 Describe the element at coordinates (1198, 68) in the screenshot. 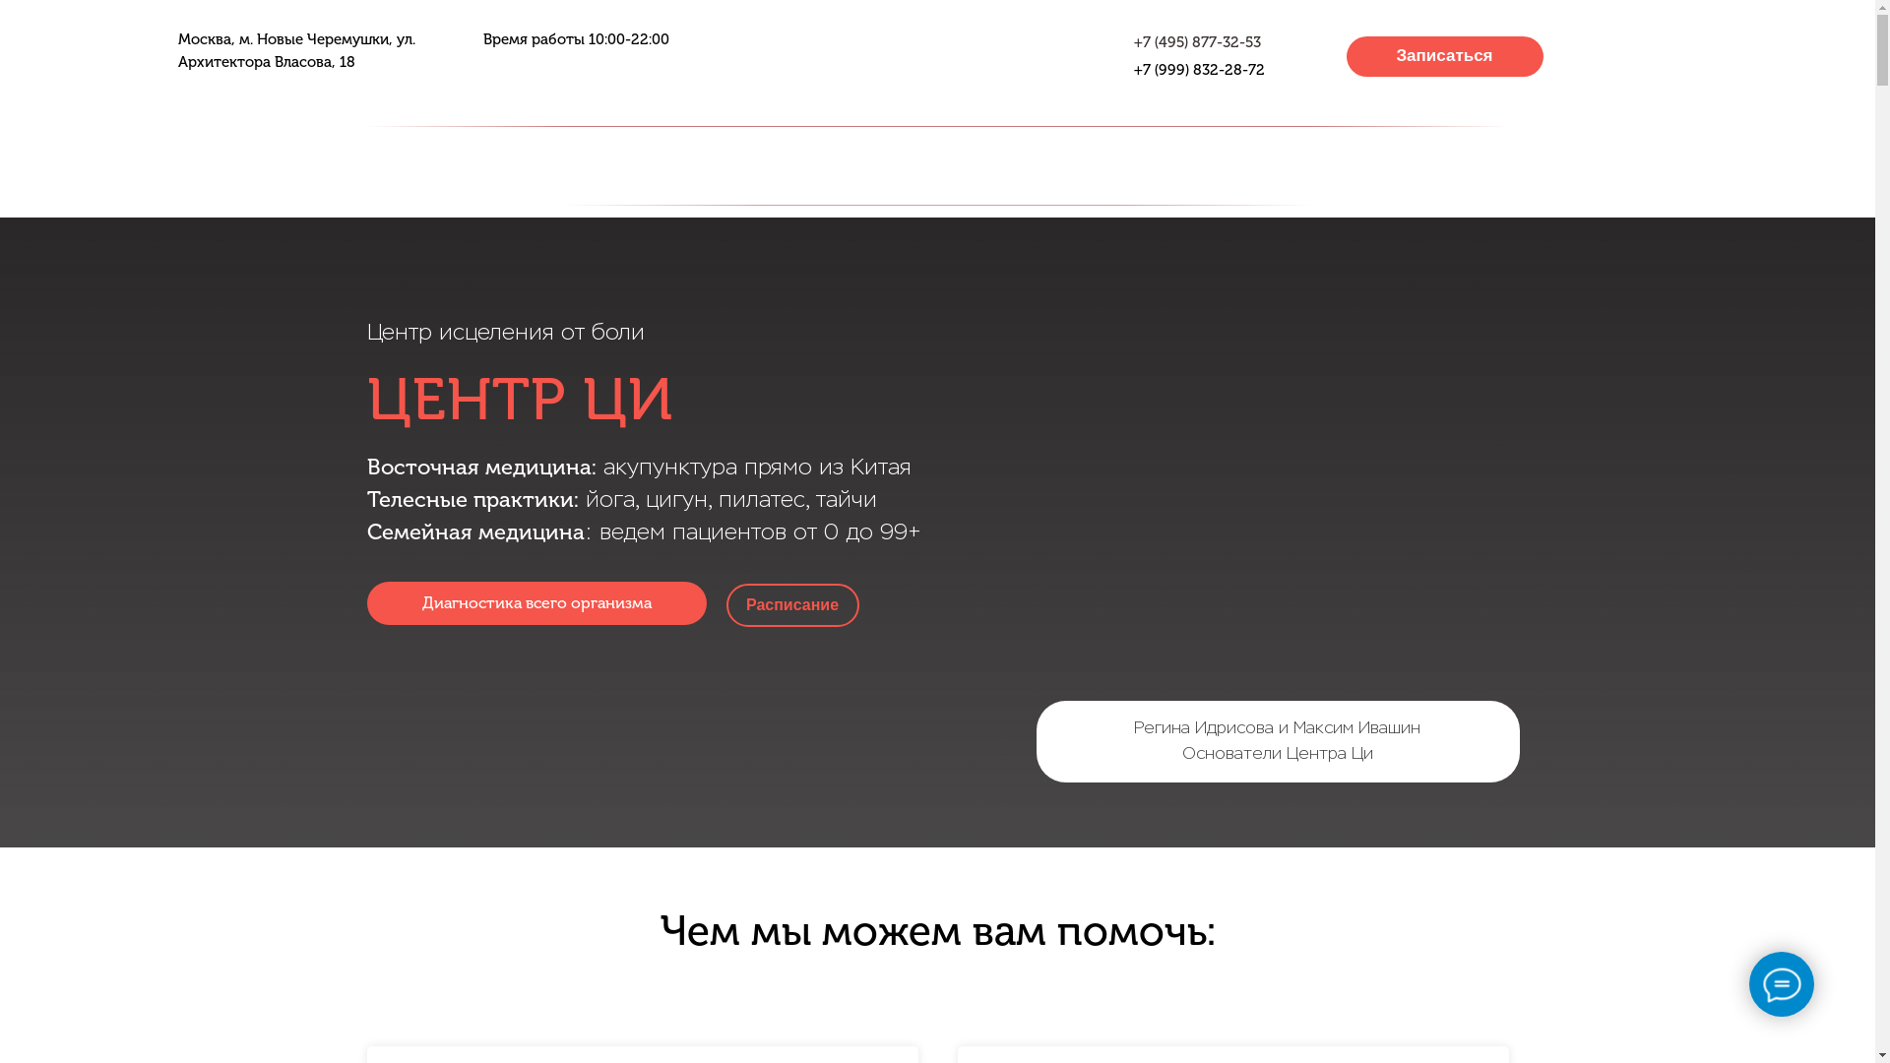

I see `'+7 (999) 832-28-72'` at that location.